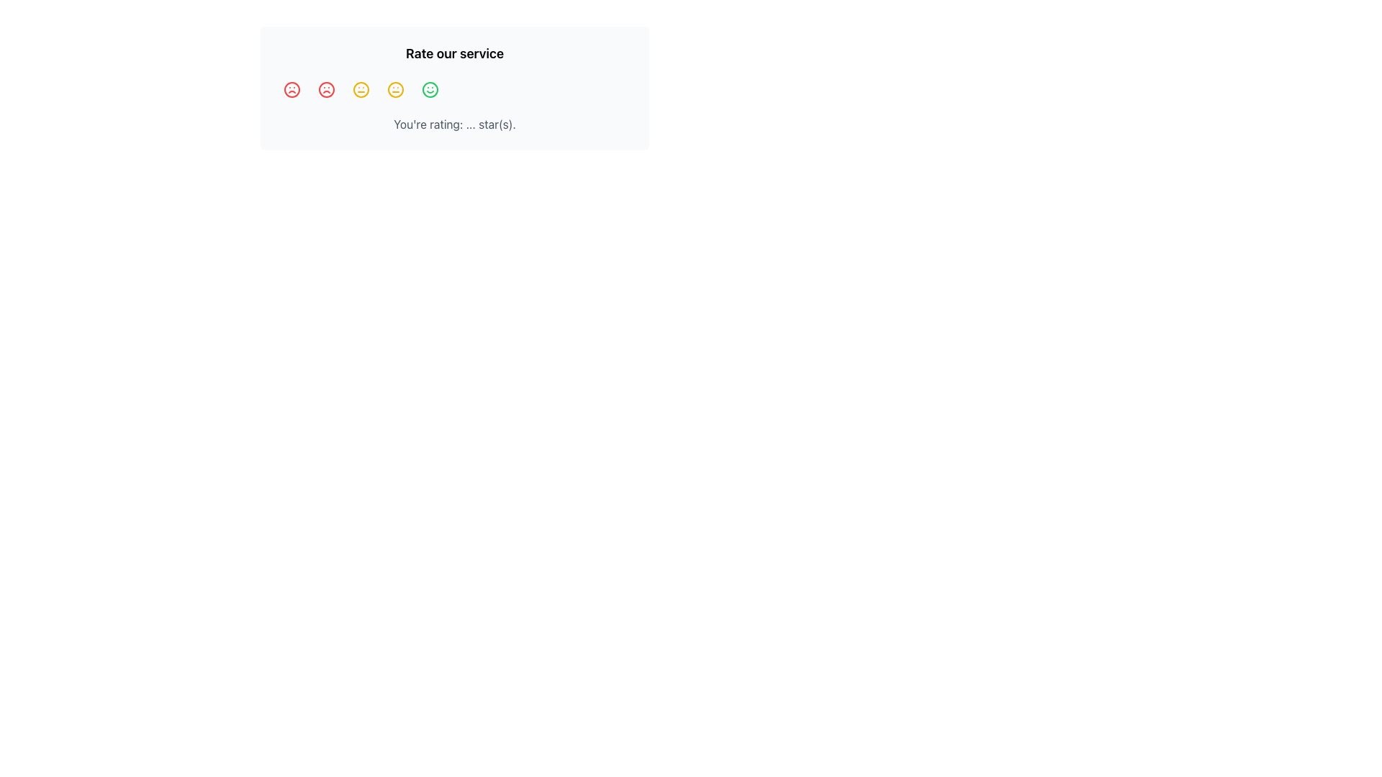  I want to click on the second icon representing a 'dissatisfied' rating in the feedback component, so click(326, 89).